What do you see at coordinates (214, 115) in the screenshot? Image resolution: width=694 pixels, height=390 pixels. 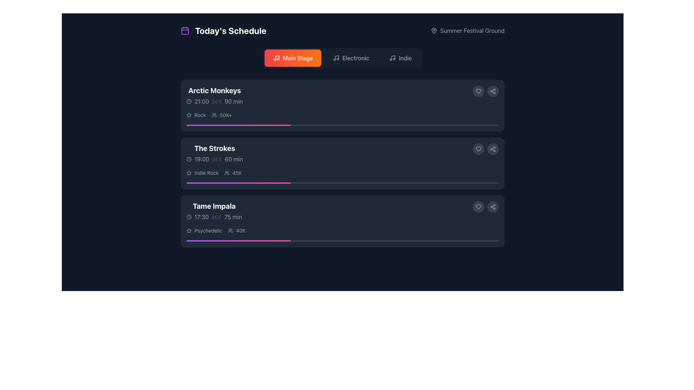 I see `the icon representing the group or audience count, located to the left of the text '50K+'` at bounding box center [214, 115].